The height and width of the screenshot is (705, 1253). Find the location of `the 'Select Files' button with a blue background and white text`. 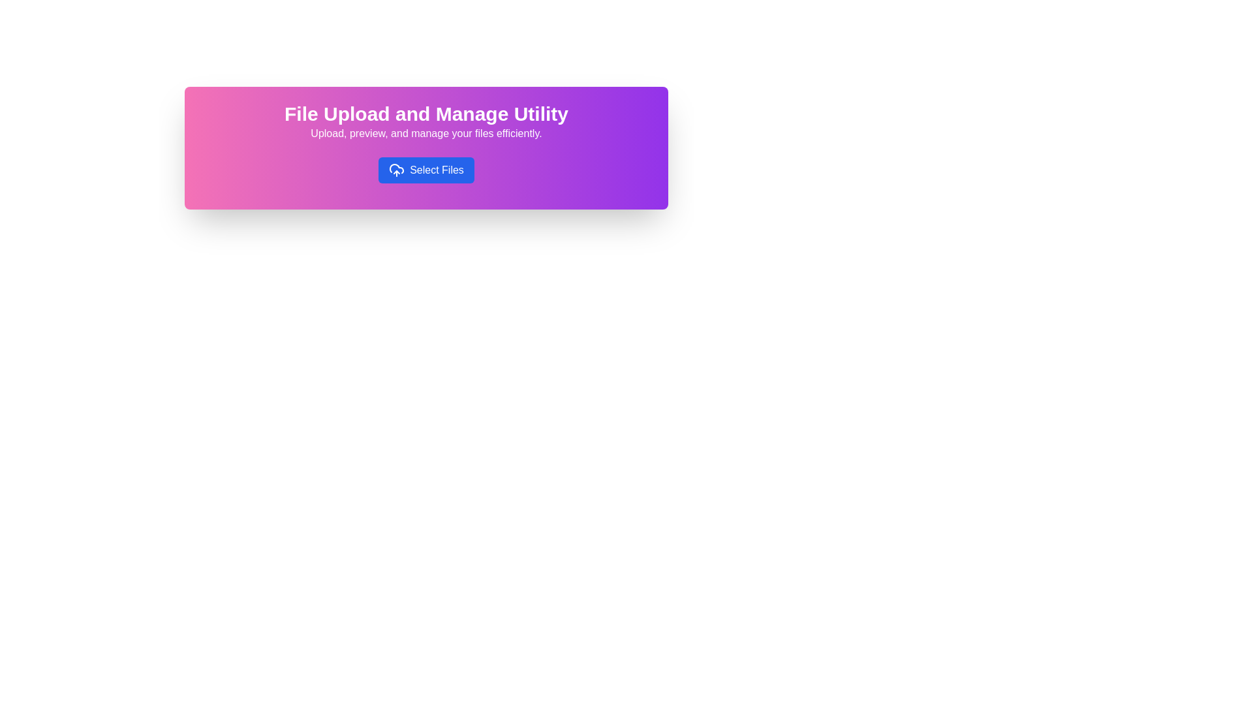

the 'Select Files' button with a blue background and white text is located at coordinates (426, 170).